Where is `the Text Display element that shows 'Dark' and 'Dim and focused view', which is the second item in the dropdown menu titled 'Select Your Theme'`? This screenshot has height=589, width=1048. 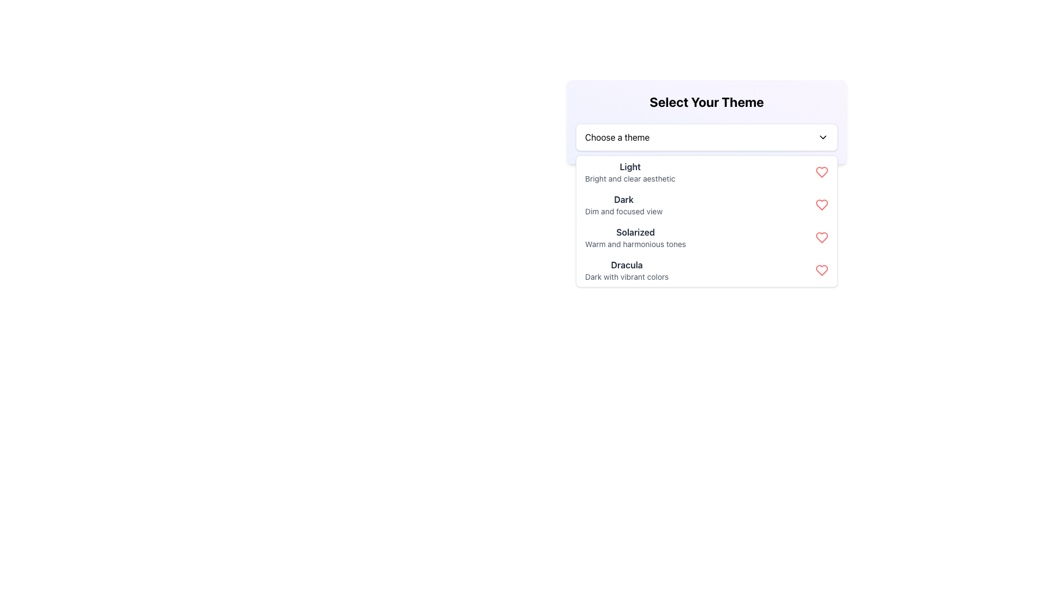 the Text Display element that shows 'Dark' and 'Dim and focused view', which is the second item in the dropdown menu titled 'Select Your Theme' is located at coordinates (623, 205).